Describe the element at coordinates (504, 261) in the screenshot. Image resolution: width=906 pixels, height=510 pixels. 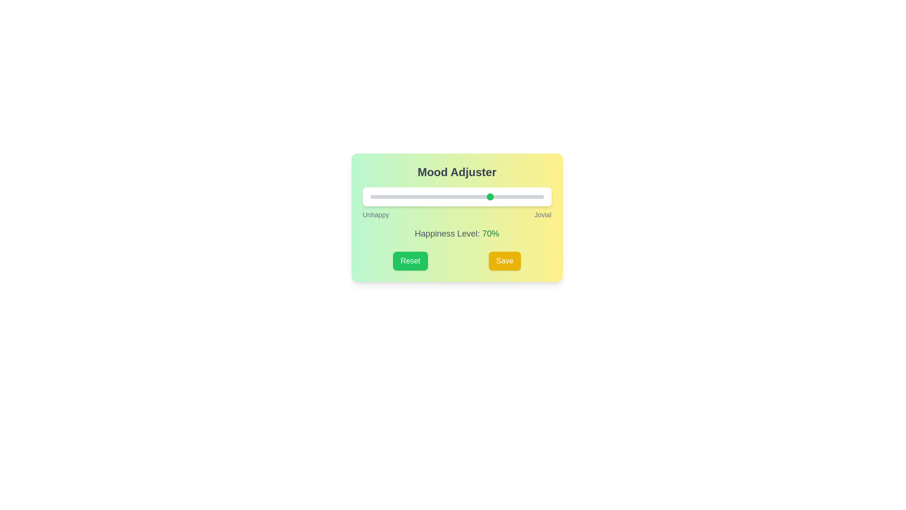
I see `the 'Save' button to save the current happiness level` at that location.